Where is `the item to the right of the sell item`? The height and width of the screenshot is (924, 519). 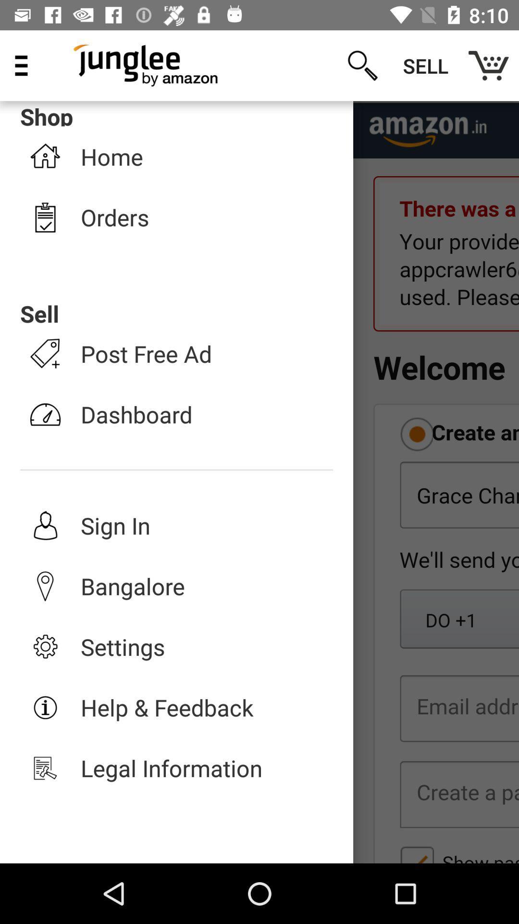
the item to the right of the sell item is located at coordinates (489, 65).